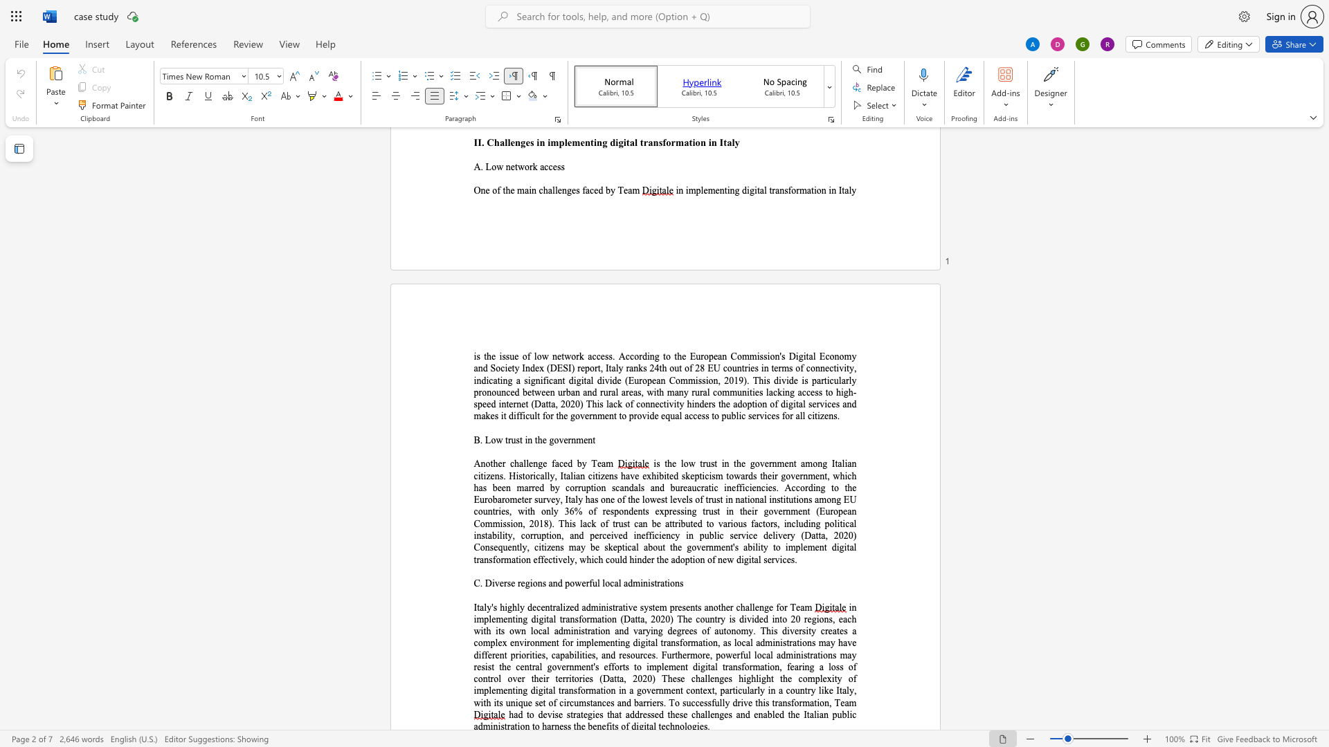  Describe the element at coordinates (694, 524) in the screenshot. I see `the space between the continuous character "t" and "e" in the text` at that location.